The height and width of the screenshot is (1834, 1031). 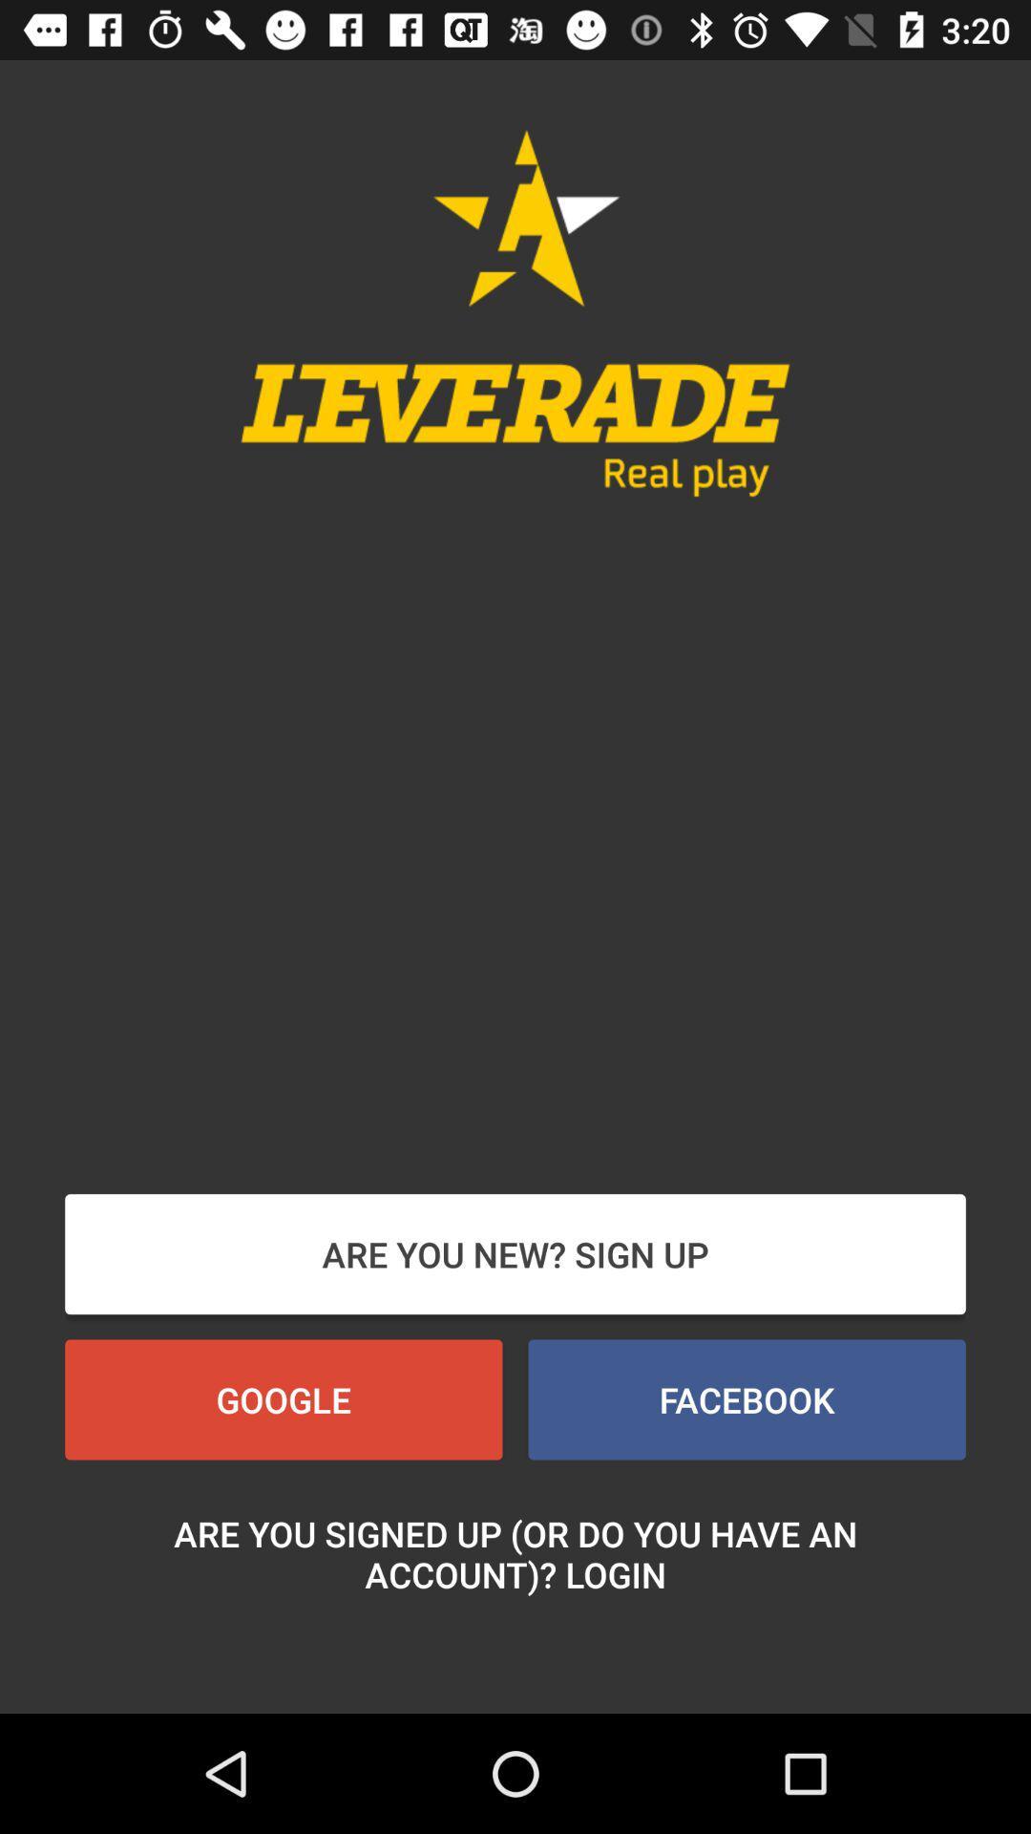 I want to click on the button next to facebook icon, so click(x=284, y=1399).